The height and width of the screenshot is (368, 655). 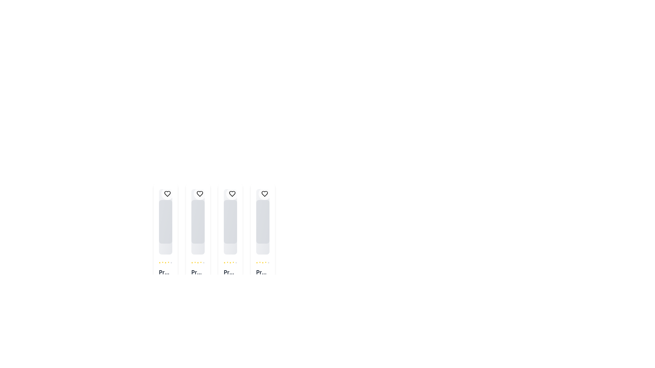 What do you see at coordinates (199, 194) in the screenshot?
I see `the 'favorite' button located` at bounding box center [199, 194].